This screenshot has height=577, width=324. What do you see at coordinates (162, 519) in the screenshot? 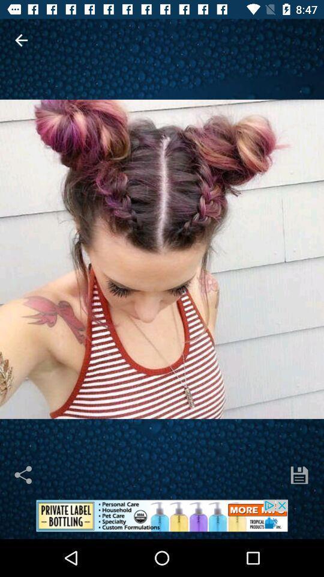
I see `advertising` at bounding box center [162, 519].